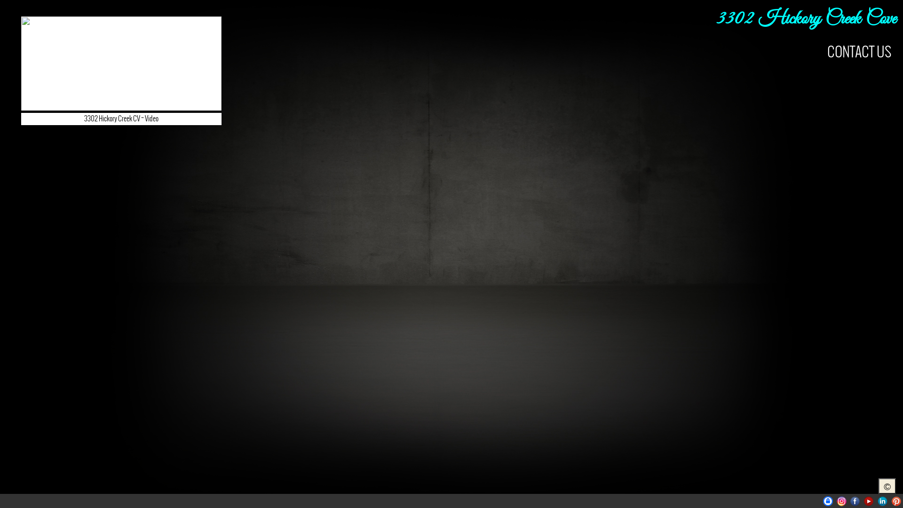 The height and width of the screenshot is (508, 903). Describe the element at coordinates (891, 500) in the screenshot. I see `'Pinterest'` at that location.